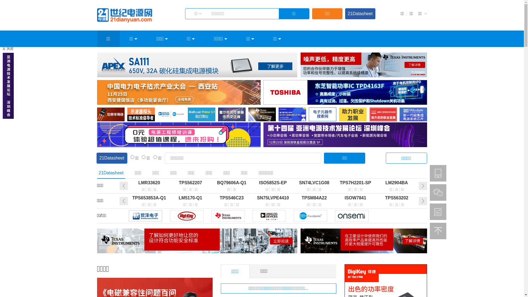 The image size is (528, 297). I want to click on 'TPS562207', so click(190, 183).